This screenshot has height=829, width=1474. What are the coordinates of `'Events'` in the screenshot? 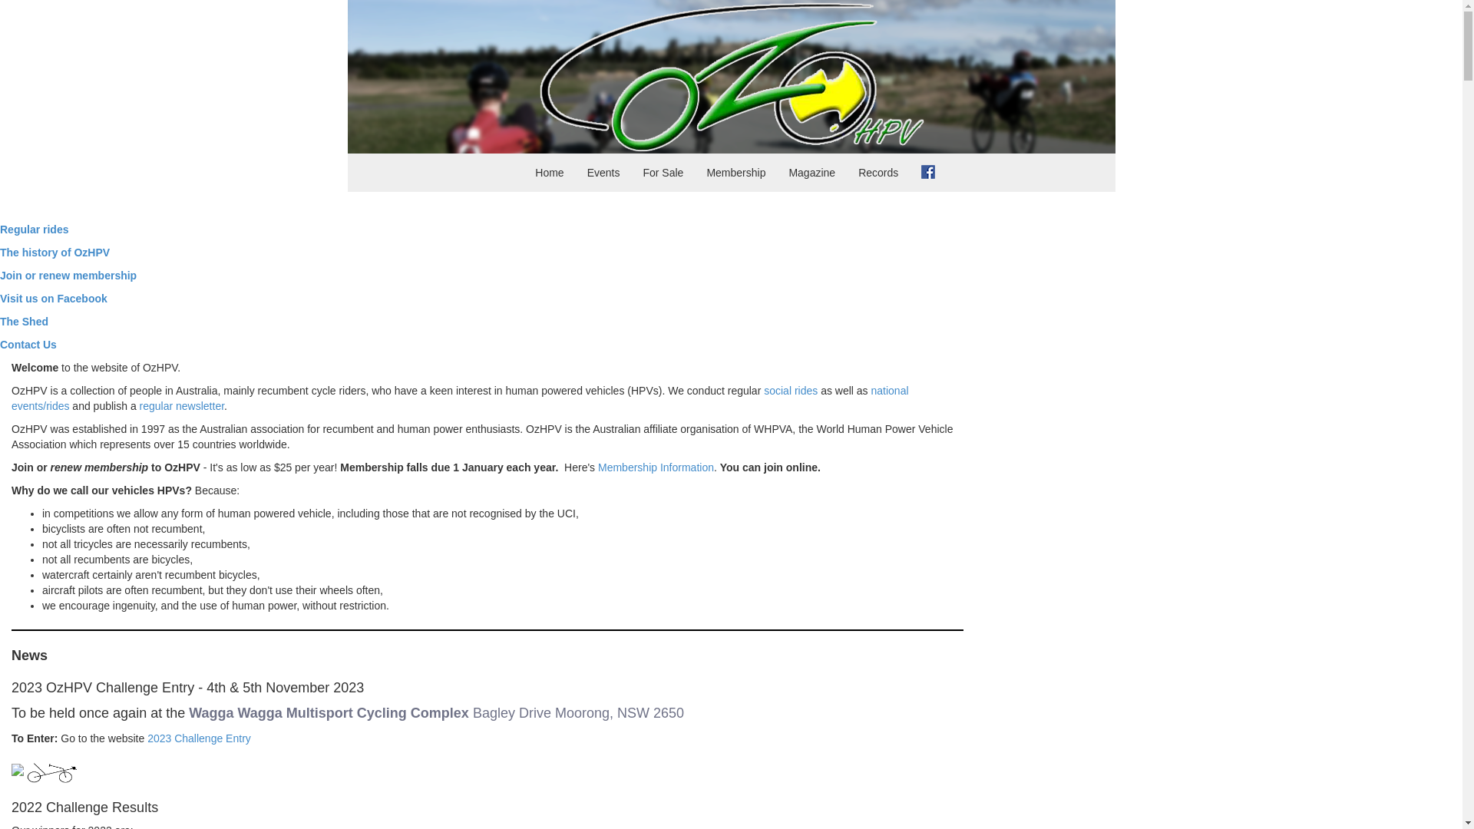 It's located at (603, 172).